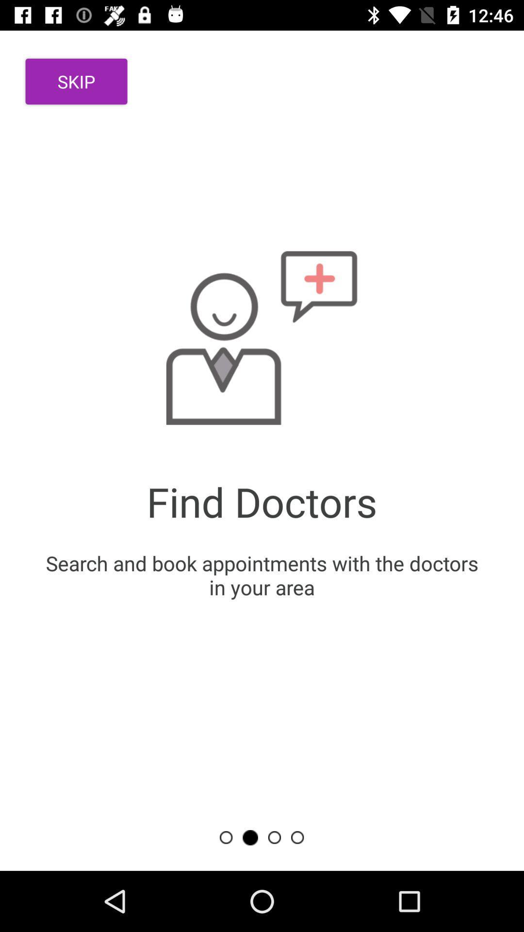 This screenshot has height=932, width=524. What do you see at coordinates (76, 82) in the screenshot?
I see `the skip item` at bounding box center [76, 82].